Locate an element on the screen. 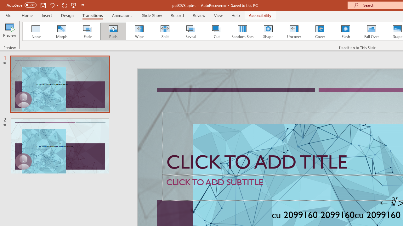  'Random Bars' is located at coordinates (242, 31).